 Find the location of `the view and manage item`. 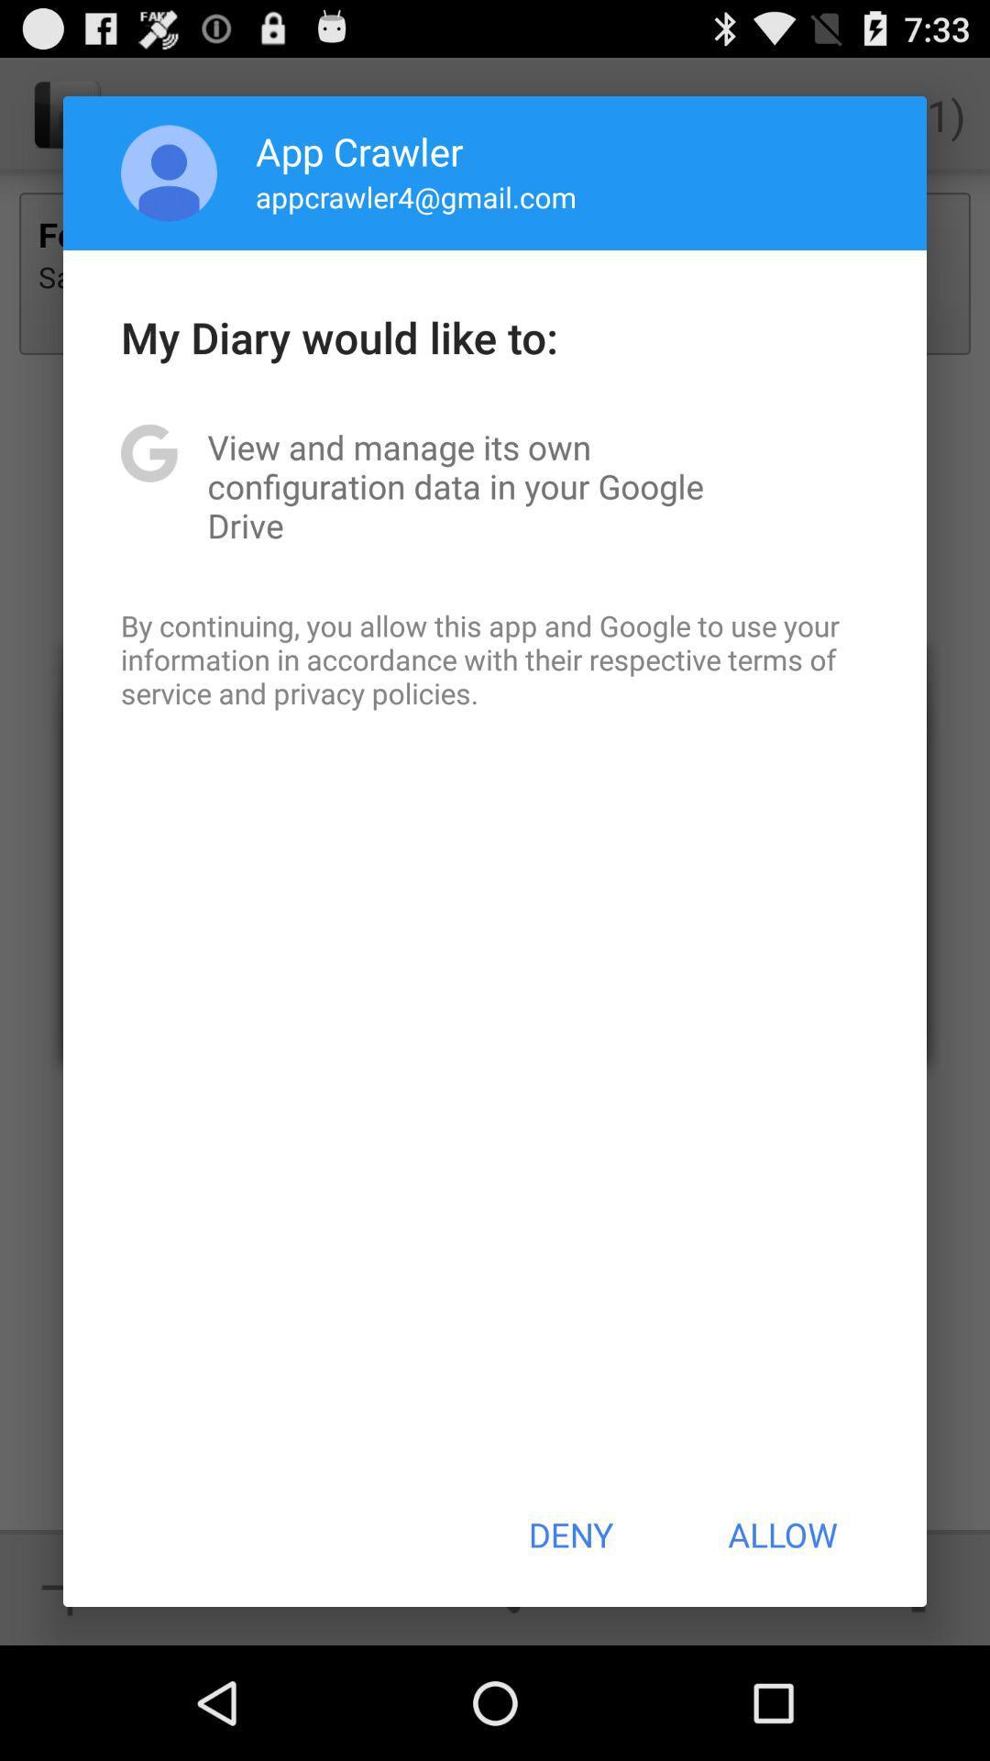

the view and manage item is located at coordinates (495, 486).